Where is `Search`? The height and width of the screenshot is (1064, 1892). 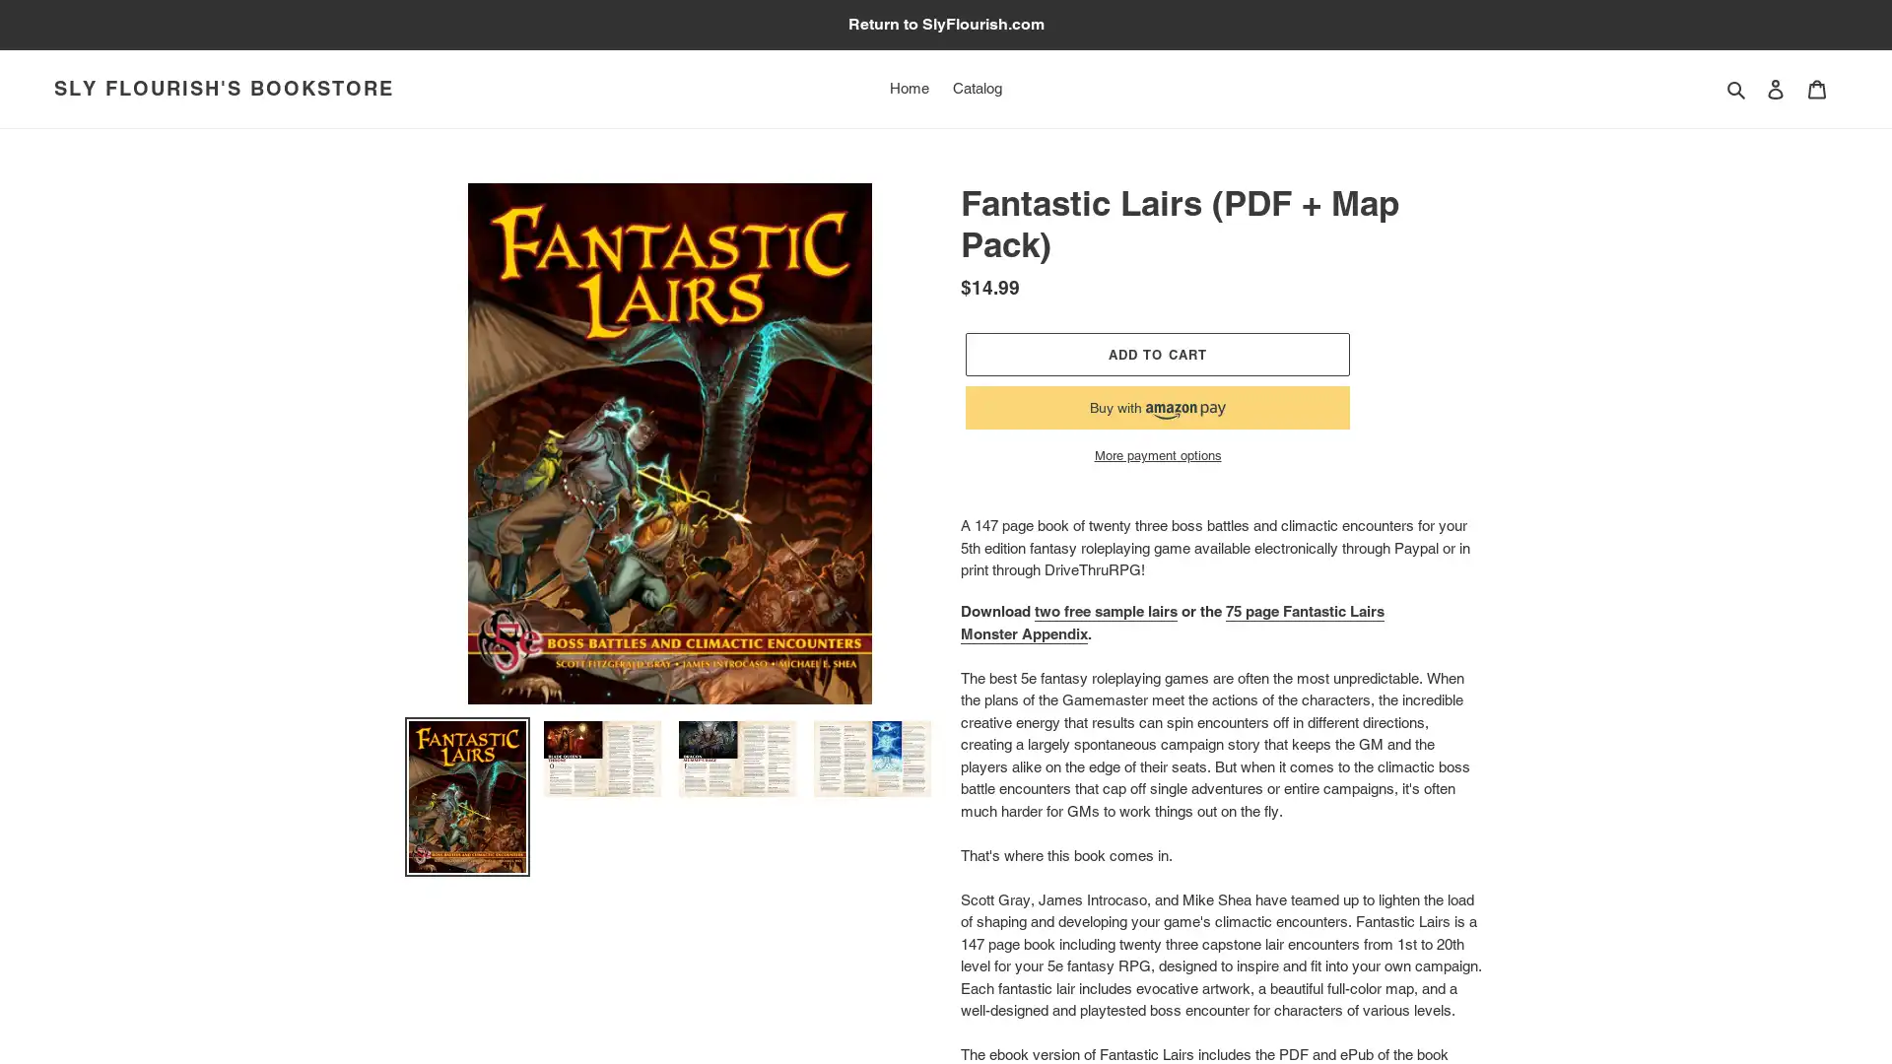
Search is located at coordinates (1737, 87).